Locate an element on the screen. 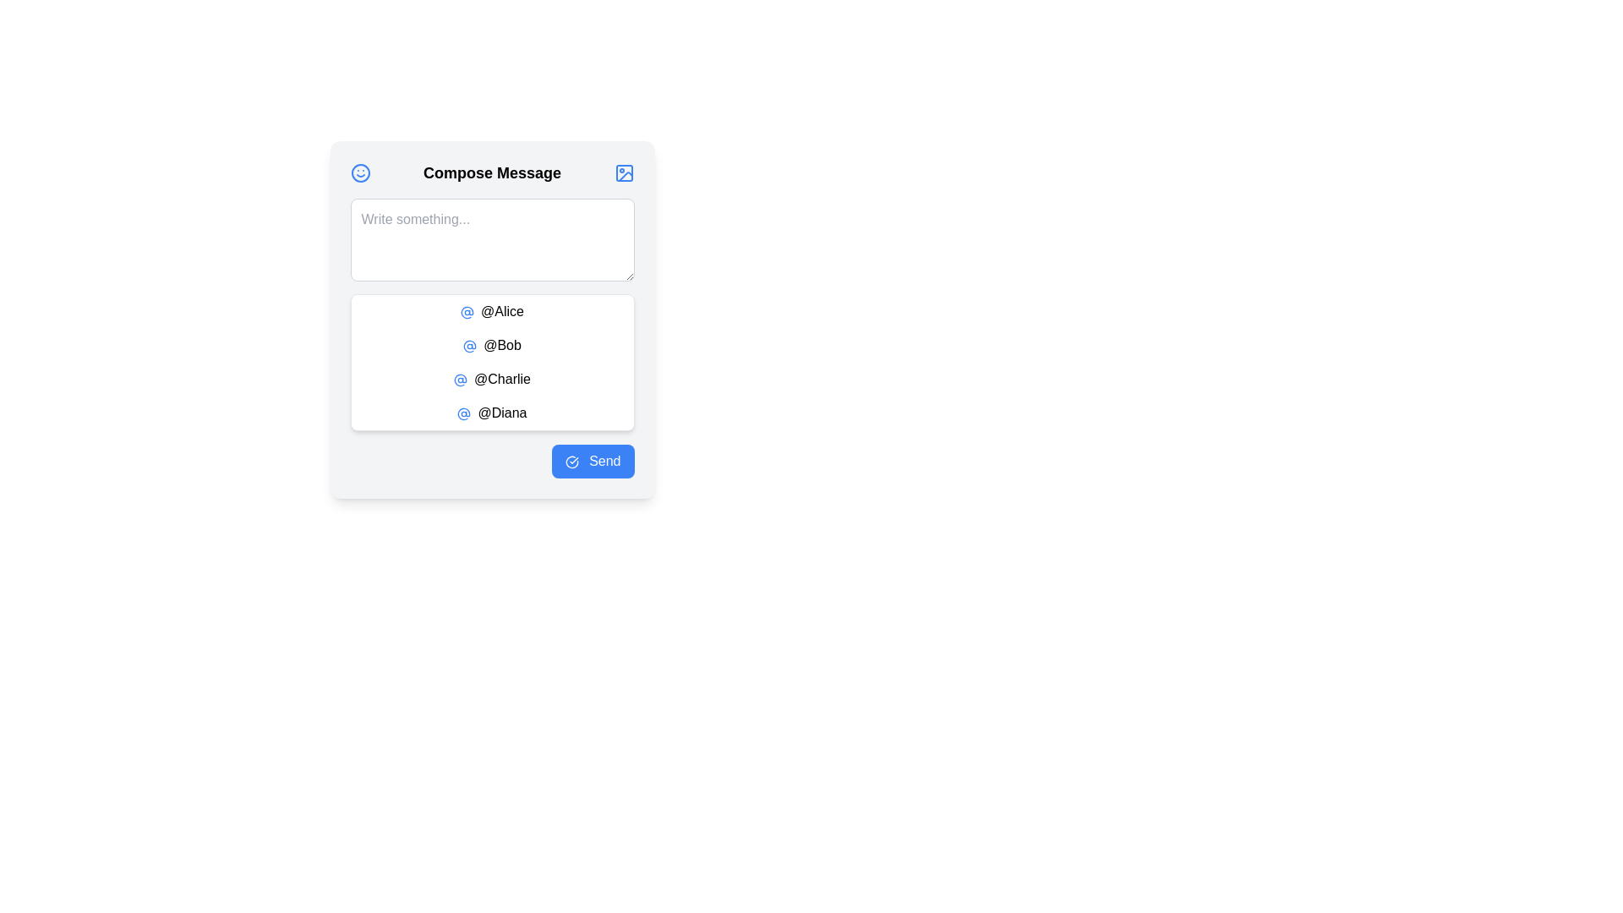  the third username option in the list, which is located between '@Bob' and '@Diana' is located at coordinates (491, 378).